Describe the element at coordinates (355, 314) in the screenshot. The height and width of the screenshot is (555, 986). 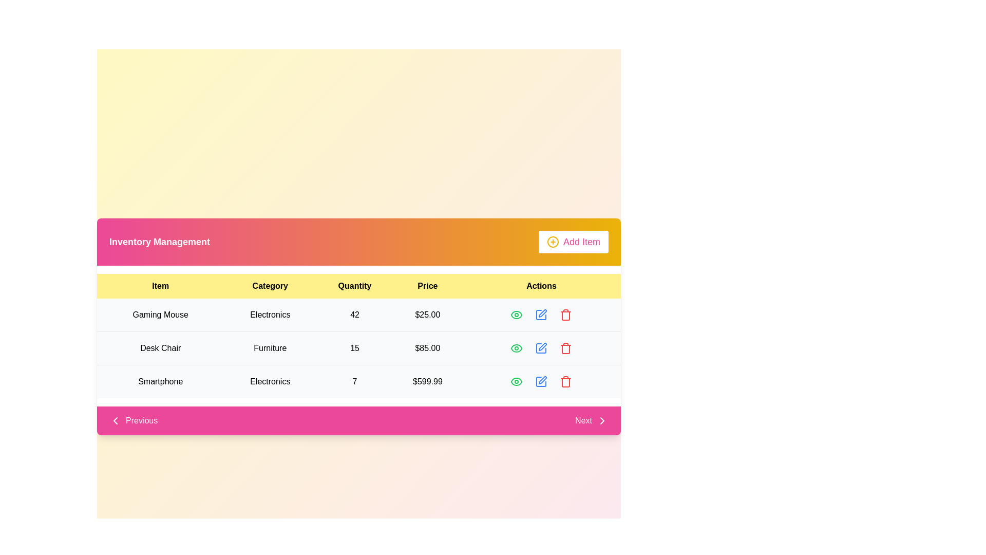
I see `the 'Quantity' text label indicating the available quantity of 'Gaming Mouse' in the inventory` at that location.